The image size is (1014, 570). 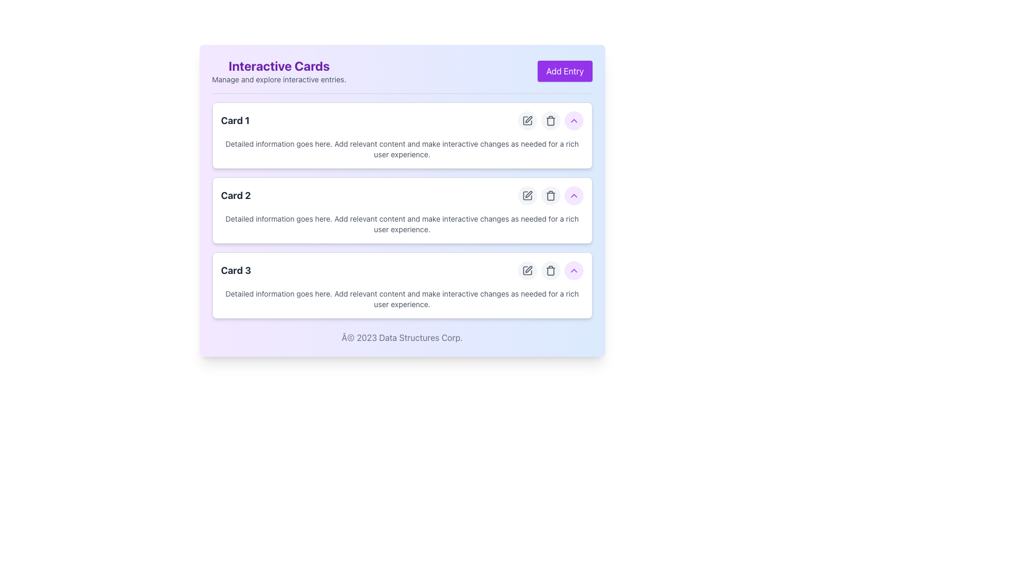 I want to click on the collapse/expand icon located in the right corner of the third card, so click(x=573, y=120).